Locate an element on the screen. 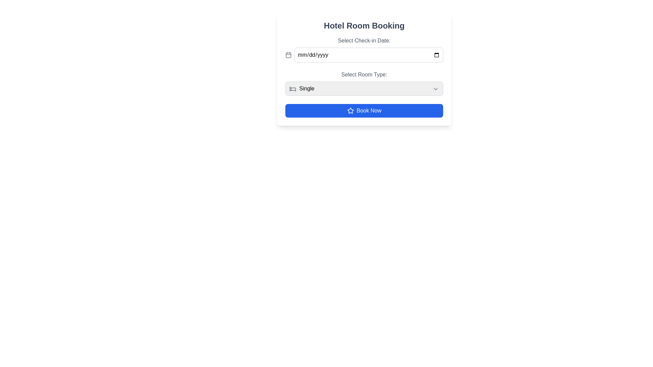 This screenshot has width=653, height=367. text label indicating the type of room for booking, located above the 'Single' dropdown in the 'Hotel Room Booking' form is located at coordinates (364, 74).